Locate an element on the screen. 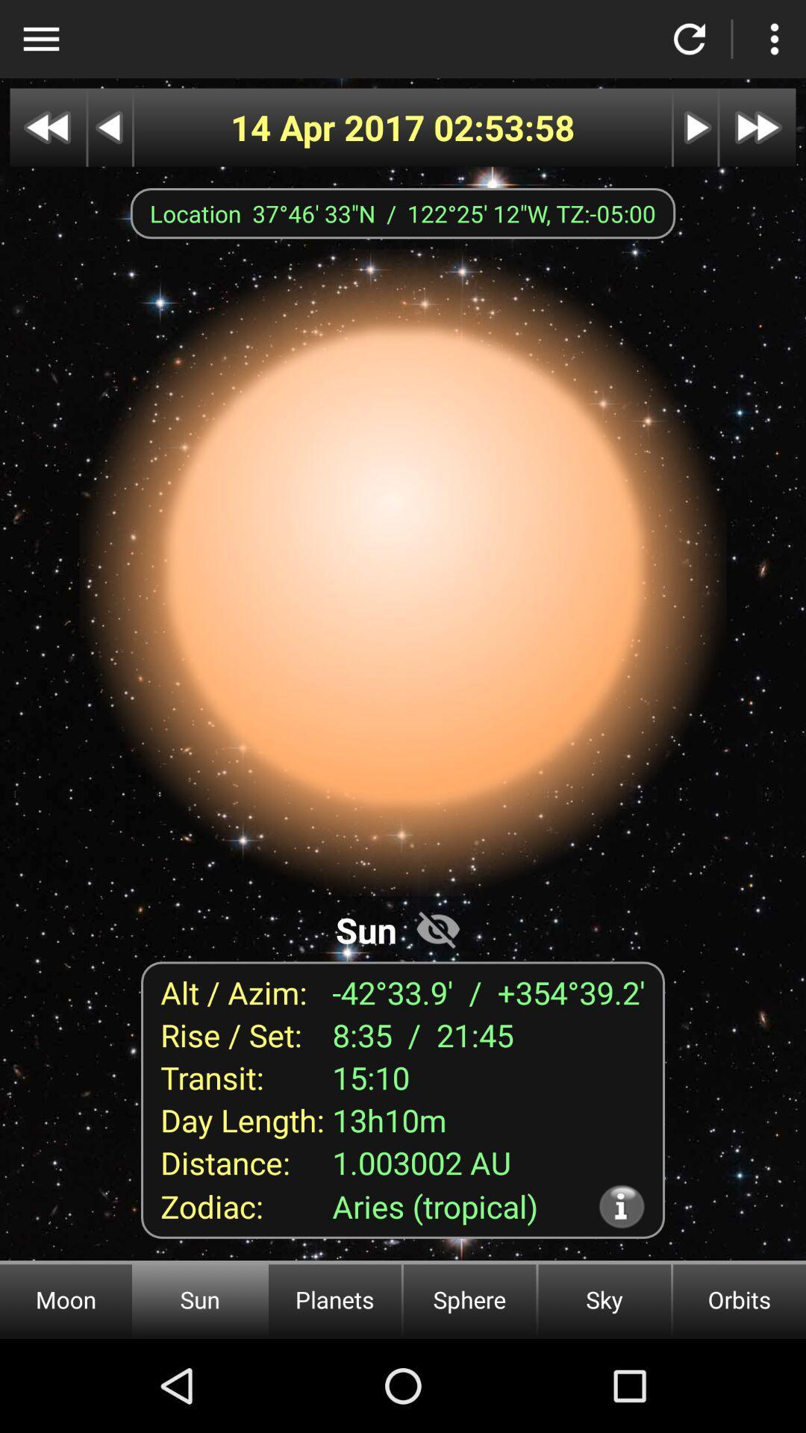  settings is located at coordinates (773, 39).